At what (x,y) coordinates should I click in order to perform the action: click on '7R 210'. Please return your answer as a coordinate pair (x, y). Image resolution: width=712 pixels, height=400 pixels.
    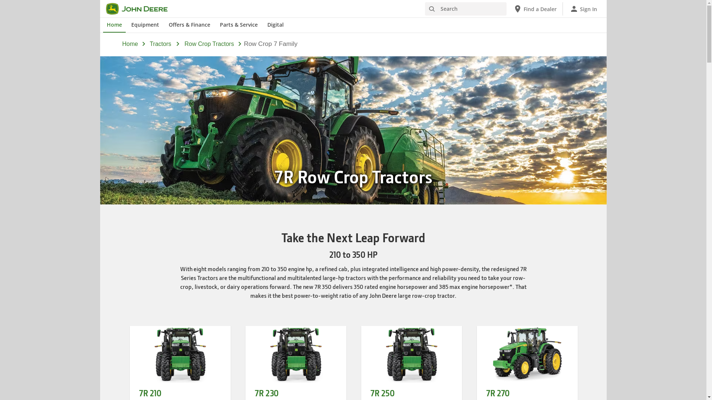
    Looking at the image, I should click on (149, 393).